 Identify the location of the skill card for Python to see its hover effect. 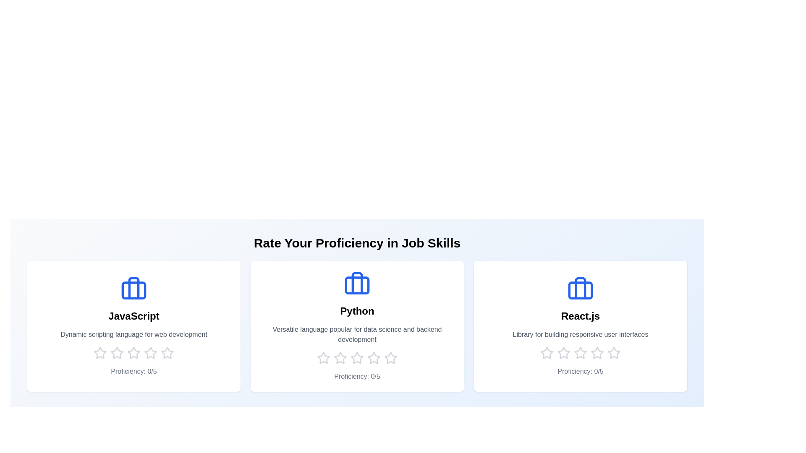
(357, 326).